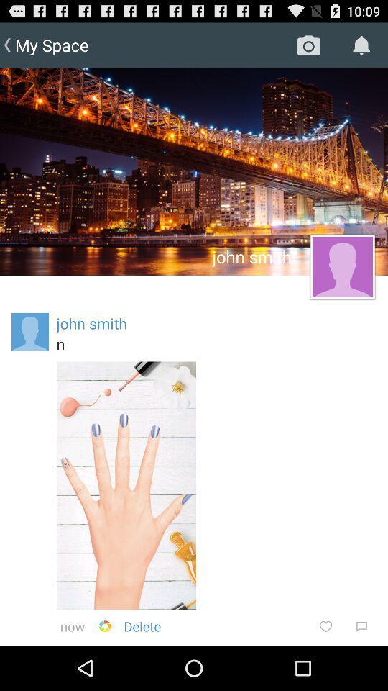 The width and height of the screenshot is (388, 691). Describe the element at coordinates (142, 625) in the screenshot. I see `the delete` at that location.